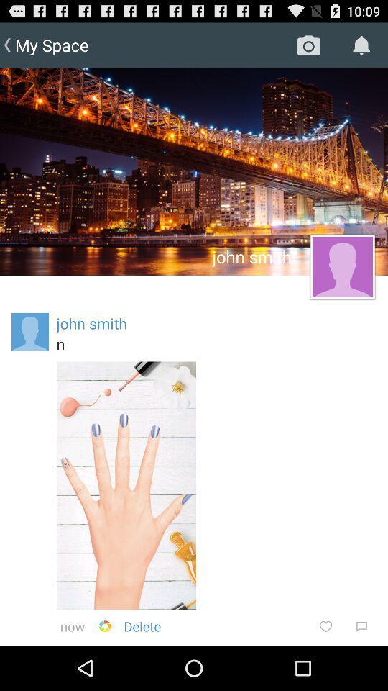 The width and height of the screenshot is (388, 691). Describe the element at coordinates (142, 625) in the screenshot. I see `the delete` at that location.